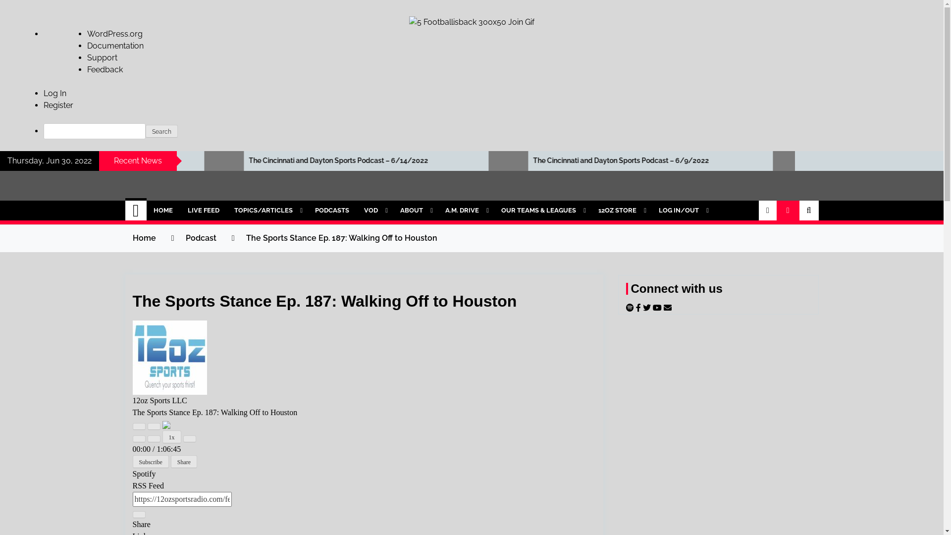  What do you see at coordinates (154, 426) in the screenshot?
I see `'Pause Episode'` at bounding box center [154, 426].